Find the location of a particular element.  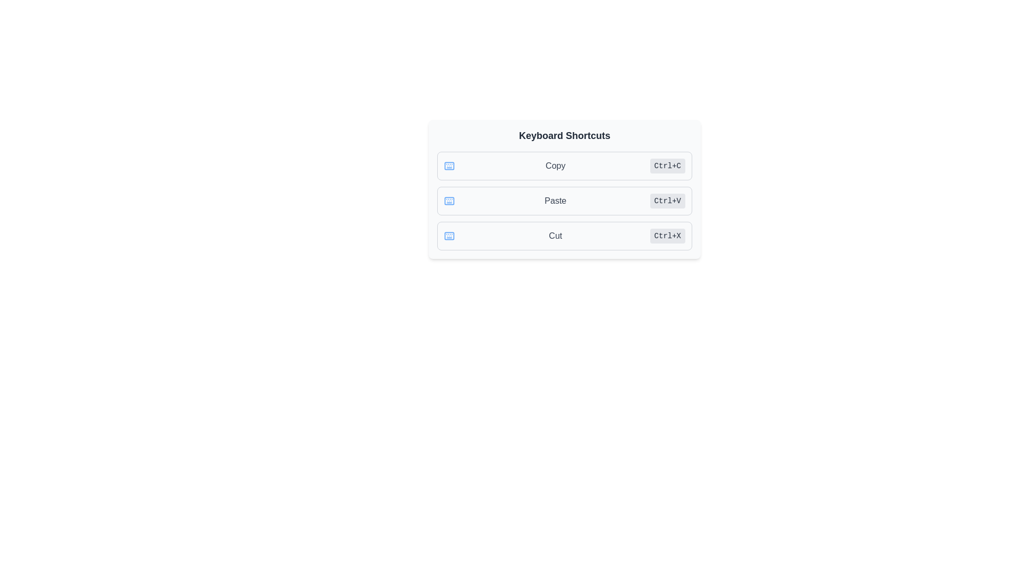

the 'Copy' button located at the top of the vertical list of action buttons is located at coordinates (564, 166).